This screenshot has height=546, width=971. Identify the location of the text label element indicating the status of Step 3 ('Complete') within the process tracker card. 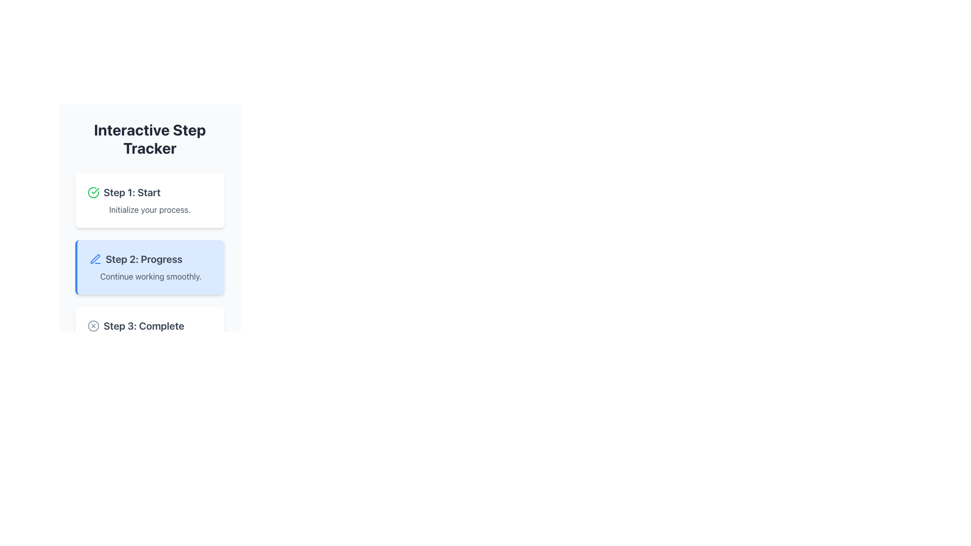
(149, 326).